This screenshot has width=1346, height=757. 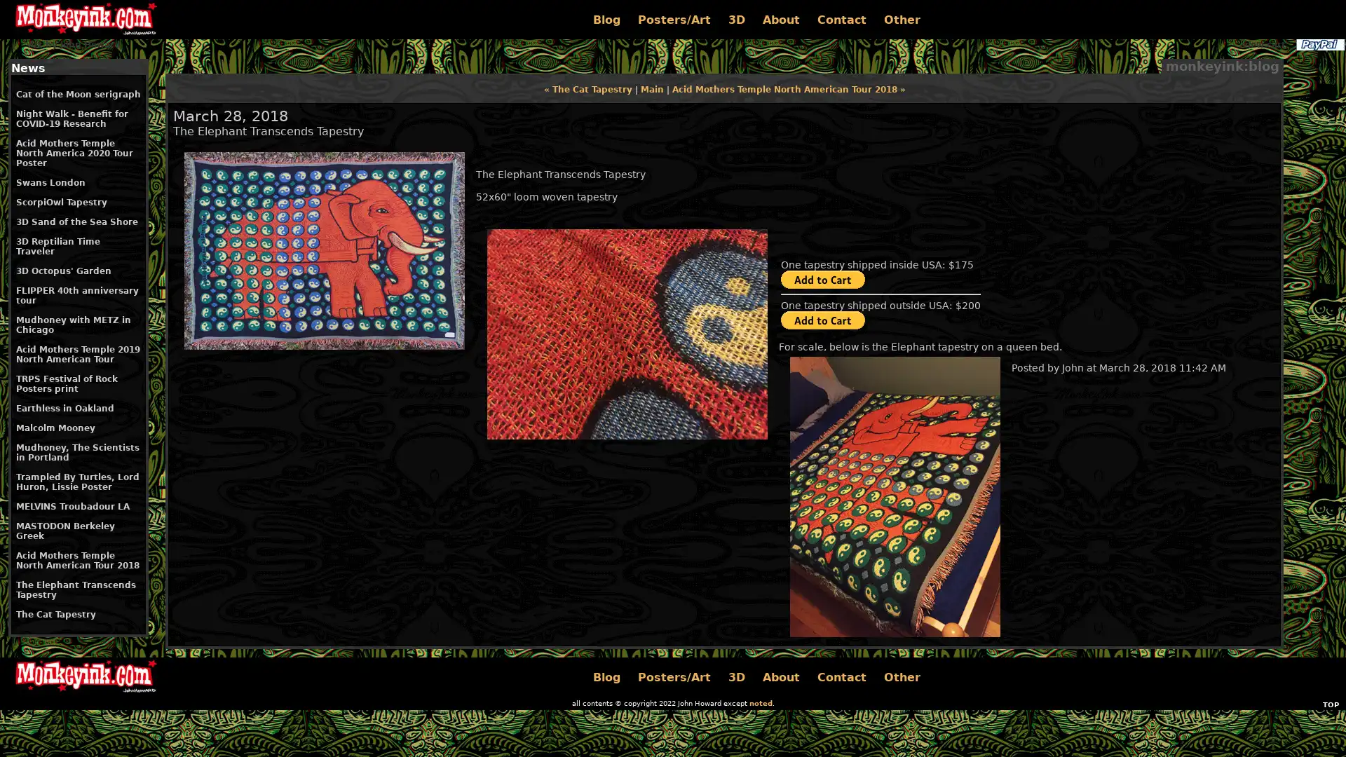 I want to click on PayPal - The safer, easier way to pay online!, so click(x=823, y=320).